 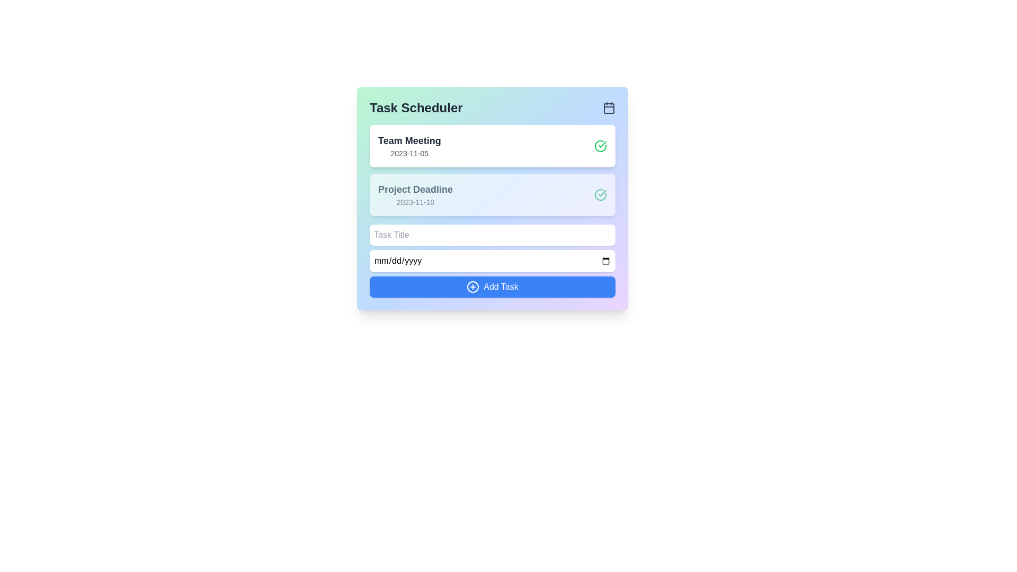 What do you see at coordinates (492, 287) in the screenshot?
I see `the 'Add Task' button located at the bottom of the vertical stack of elements, which is directly below the date selection and task title input fields` at bounding box center [492, 287].